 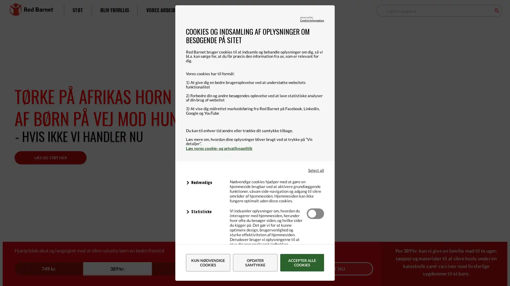 I want to click on Data Processor: Facebook Formal: Identificerer browsere med det formal at levere reklamer og website statistik. Data Processor Privacy Policy: Facebook - Data Processor Privacy Policy Udlb: 3 maneder Navn: _fbp Udbyder: .redbarnet.dk Data Processor: Facebook Formal: Sttter online markedsfring ved at indsamle oplysninger om brugerne til at promovere produkter gennem partnere og andre platforme. Data Processor Privacy Policy: Facebook - Data Processor Privacy Policy Udlb: Session Navn: Udbyder: www.facebook.com Data Processor: Youtube, Google Formal: Indsamler oplysninger om brugerne og deres aktivitet pa websitet via indlejrede videospillere med det formal at levere malrettet annoncering. Data Processor Privacy Policy: Youtube, Google - Data Processor Privacy Policy Udlb: Session Navn: YSC Udbyder: .youtube.com, so click(x=205, y=260).